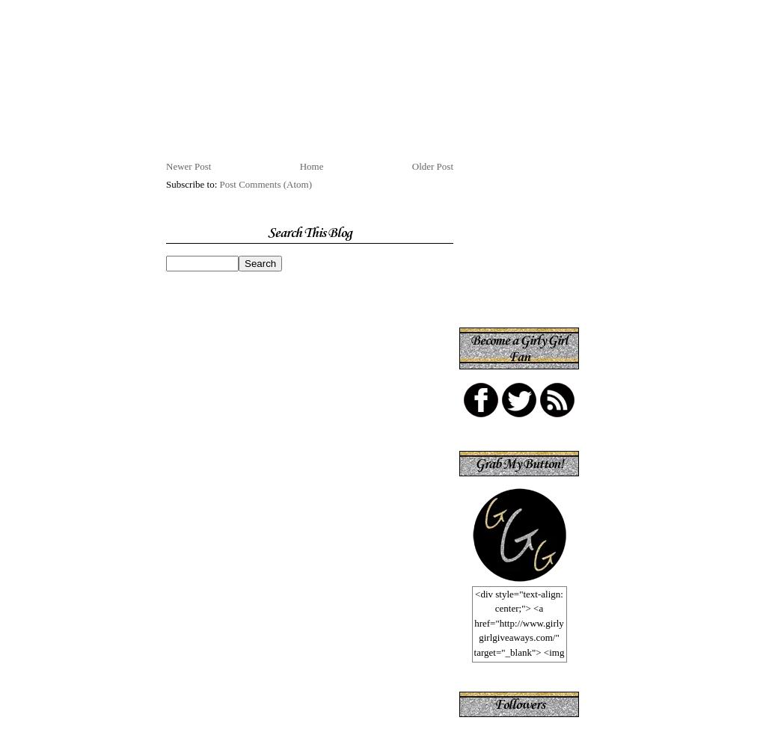 The image size is (766, 750). What do you see at coordinates (432, 165) in the screenshot?
I see `'Older Post'` at bounding box center [432, 165].